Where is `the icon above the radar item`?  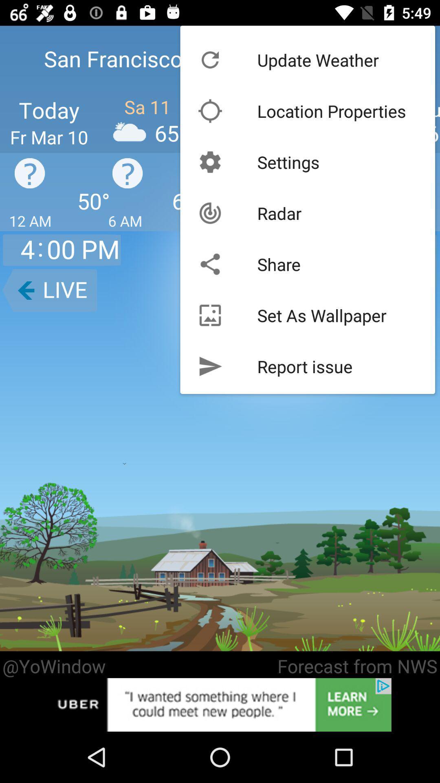
the icon above the radar item is located at coordinates (288, 162).